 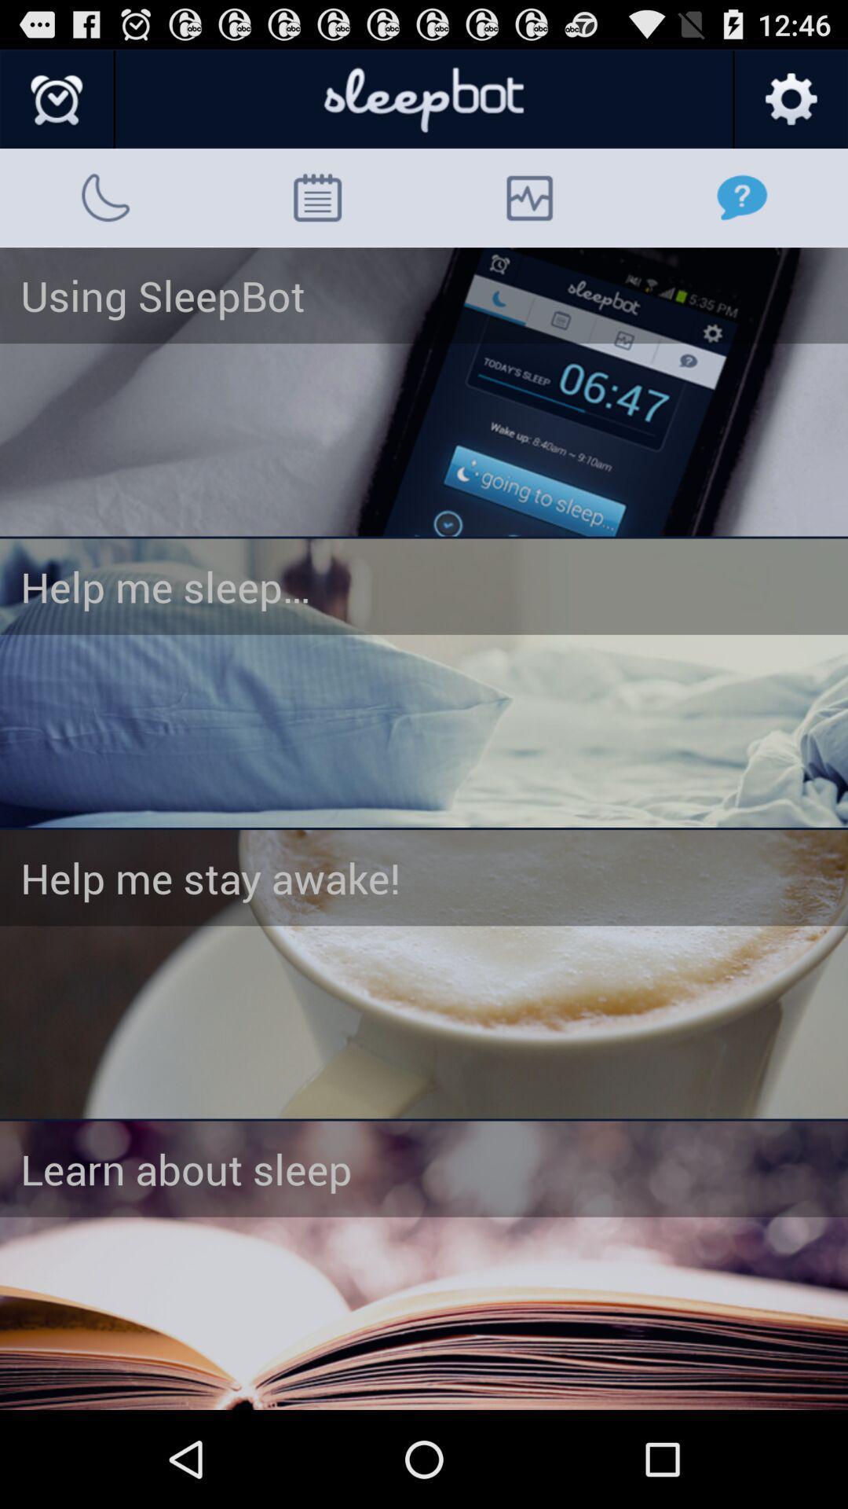 I want to click on choose 'using sleepbot option, so click(x=424, y=391).